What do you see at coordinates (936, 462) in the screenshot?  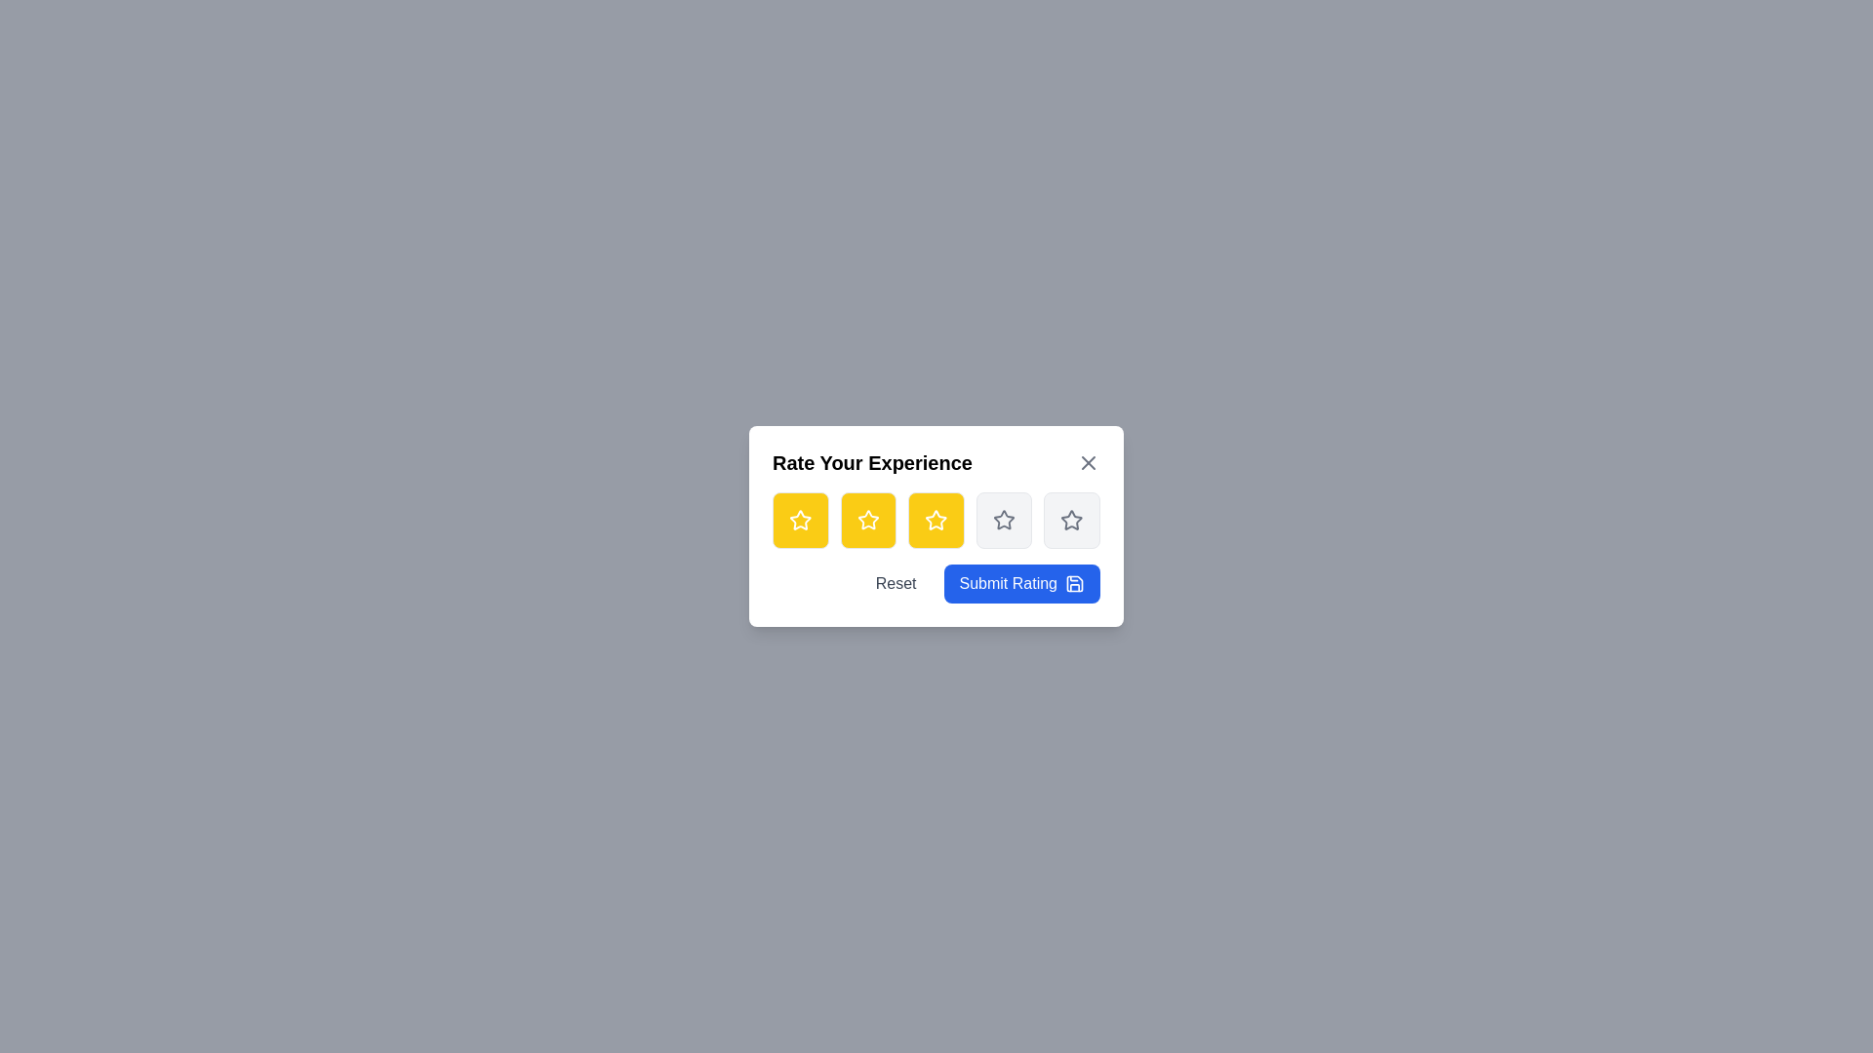 I see `the 'Rate Your Experience' title to simulate interaction` at bounding box center [936, 462].